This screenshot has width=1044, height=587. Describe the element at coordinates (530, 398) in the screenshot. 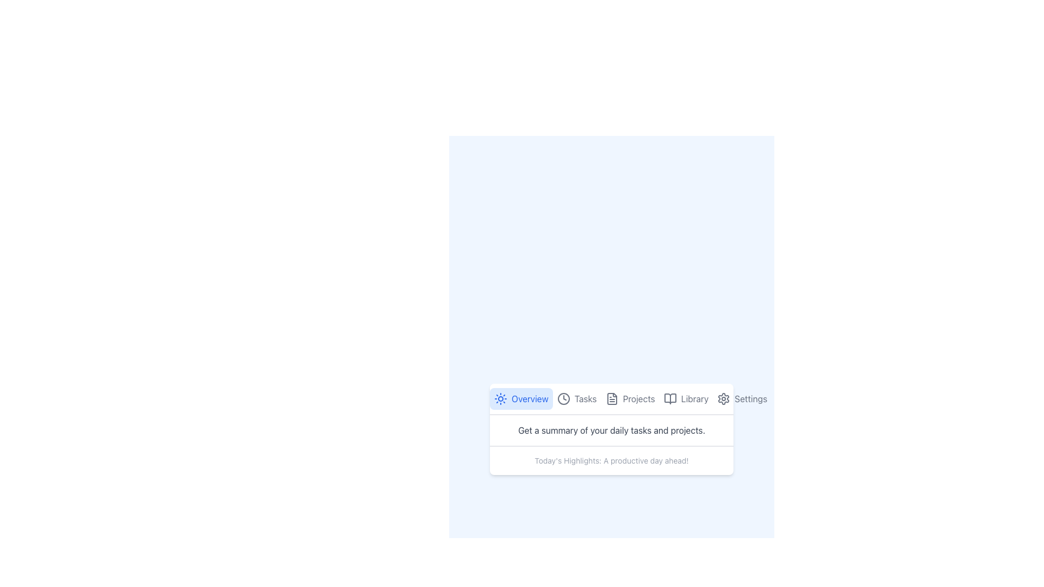

I see `the 'Overview' text label within the button that has a light blue background and rounded corners, which is the first button in a row at the top of the visible card` at that location.